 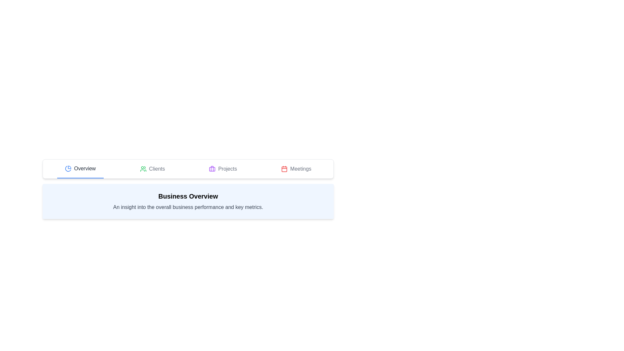 What do you see at coordinates (212, 169) in the screenshot?
I see `the 'Projects' button` at bounding box center [212, 169].